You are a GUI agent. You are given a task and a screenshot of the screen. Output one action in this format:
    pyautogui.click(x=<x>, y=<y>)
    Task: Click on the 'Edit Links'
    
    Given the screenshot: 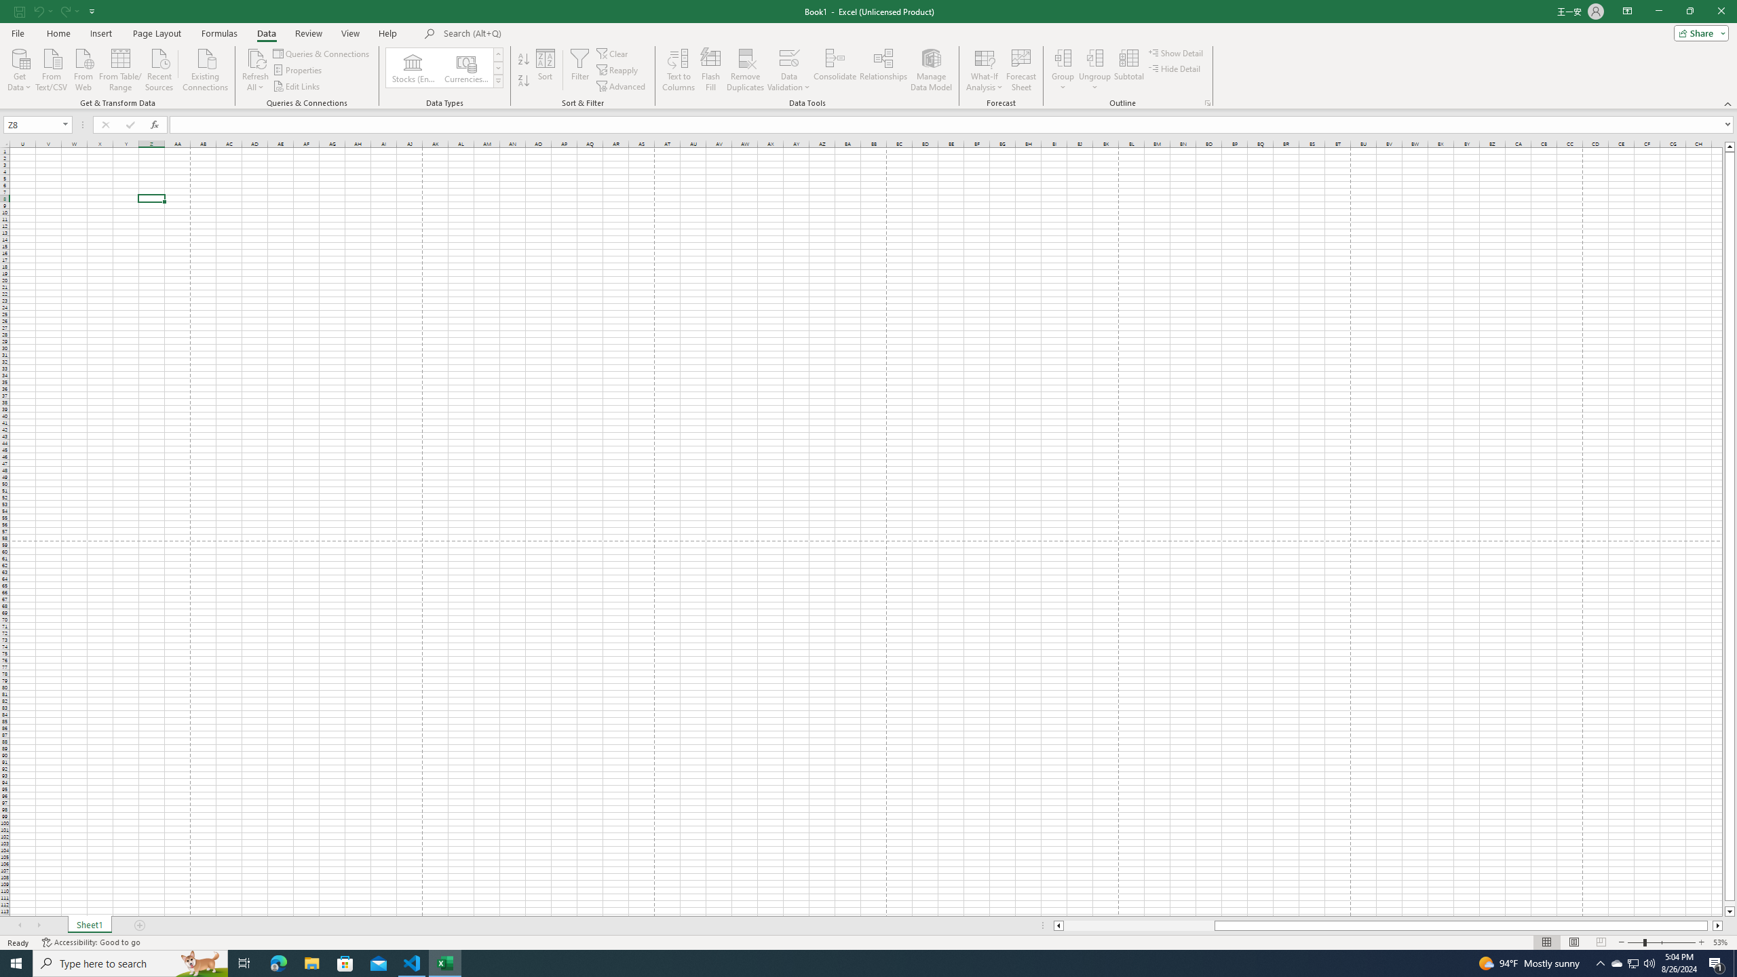 What is the action you would take?
    pyautogui.click(x=298, y=86)
    